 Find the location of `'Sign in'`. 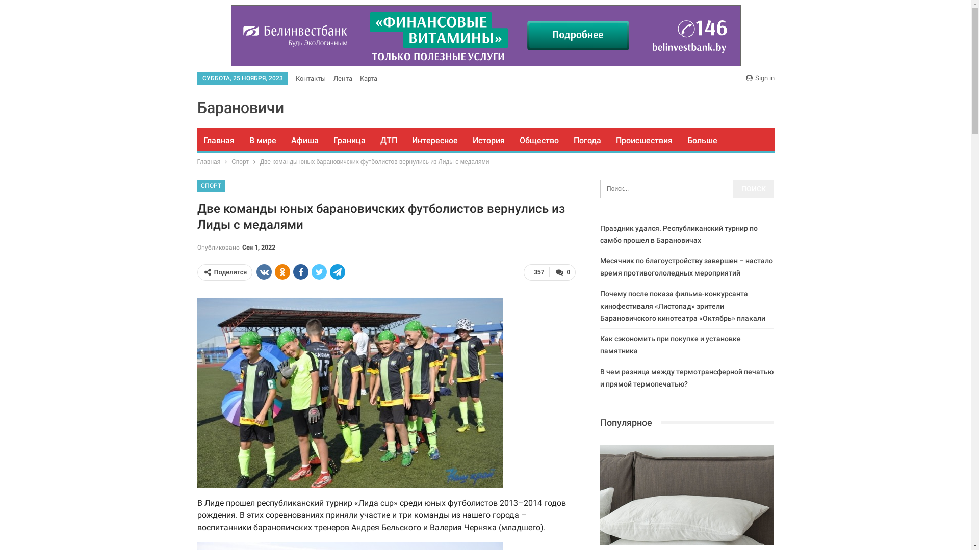

'Sign in' is located at coordinates (759, 78).